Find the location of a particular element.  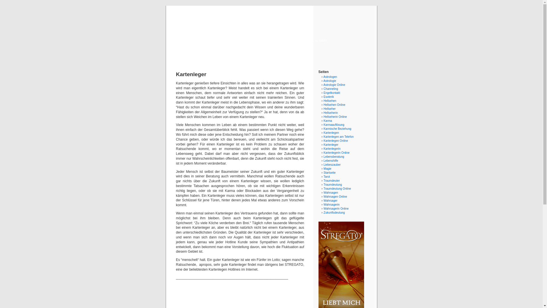

'Traumdeutung' is located at coordinates (333, 185).